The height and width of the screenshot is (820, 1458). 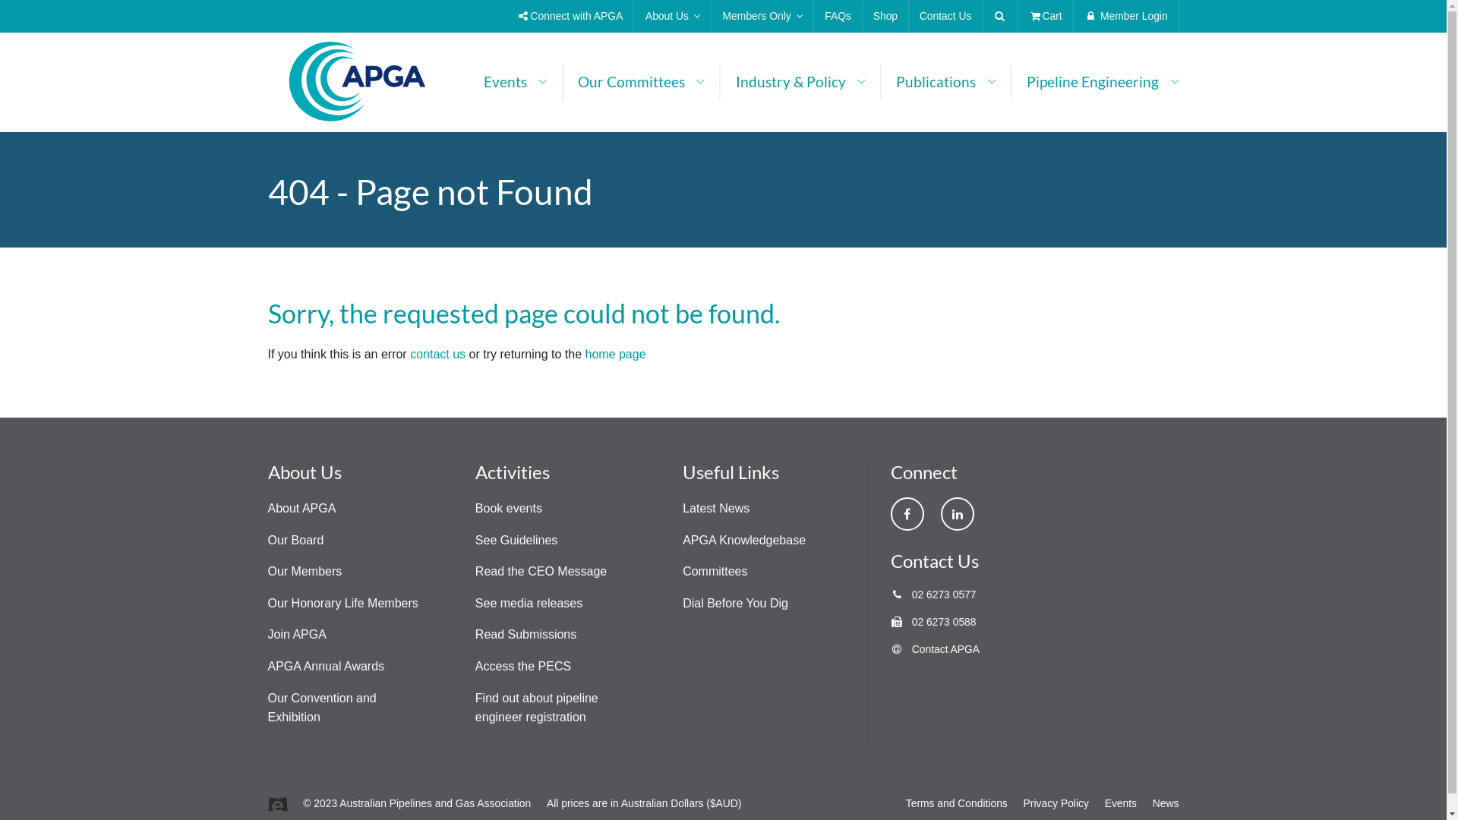 What do you see at coordinates (1104, 802) in the screenshot?
I see `'Events'` at bounding box center [1104, 802].